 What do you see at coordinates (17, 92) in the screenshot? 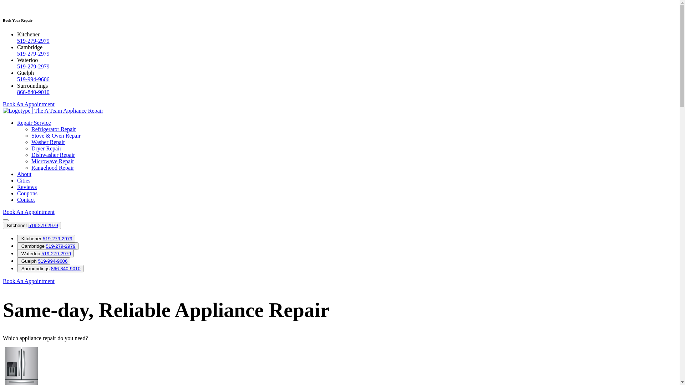
I see `'866-840-9010'` at bounding box center [17, 92].